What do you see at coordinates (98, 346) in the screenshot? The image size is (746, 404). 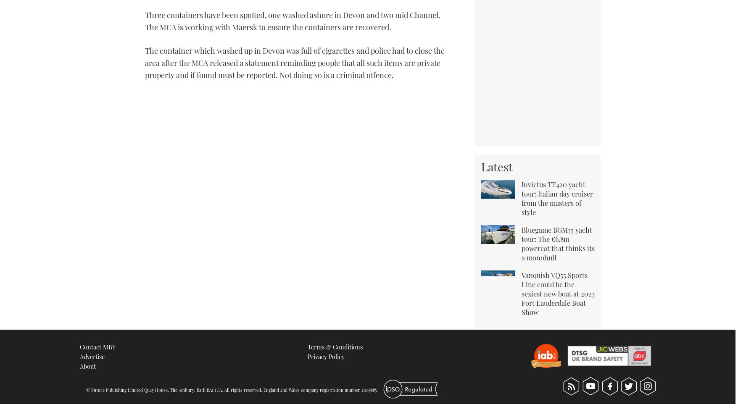 I see `'Contact MBY'` at bounding box center [98, 346].